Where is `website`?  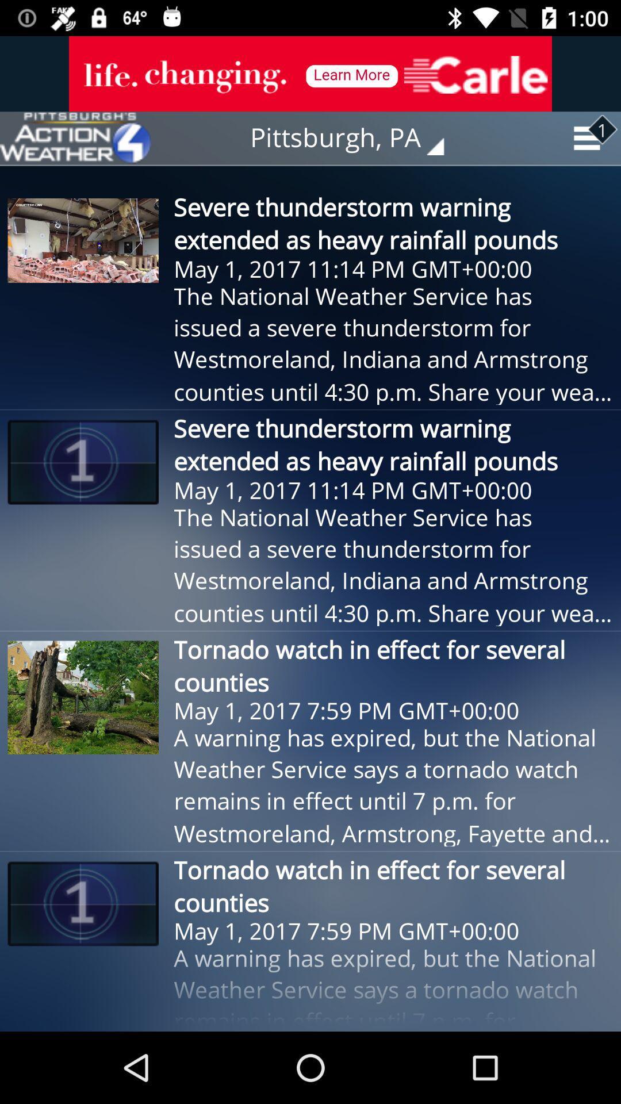
website is located at coordinates (75, 138).